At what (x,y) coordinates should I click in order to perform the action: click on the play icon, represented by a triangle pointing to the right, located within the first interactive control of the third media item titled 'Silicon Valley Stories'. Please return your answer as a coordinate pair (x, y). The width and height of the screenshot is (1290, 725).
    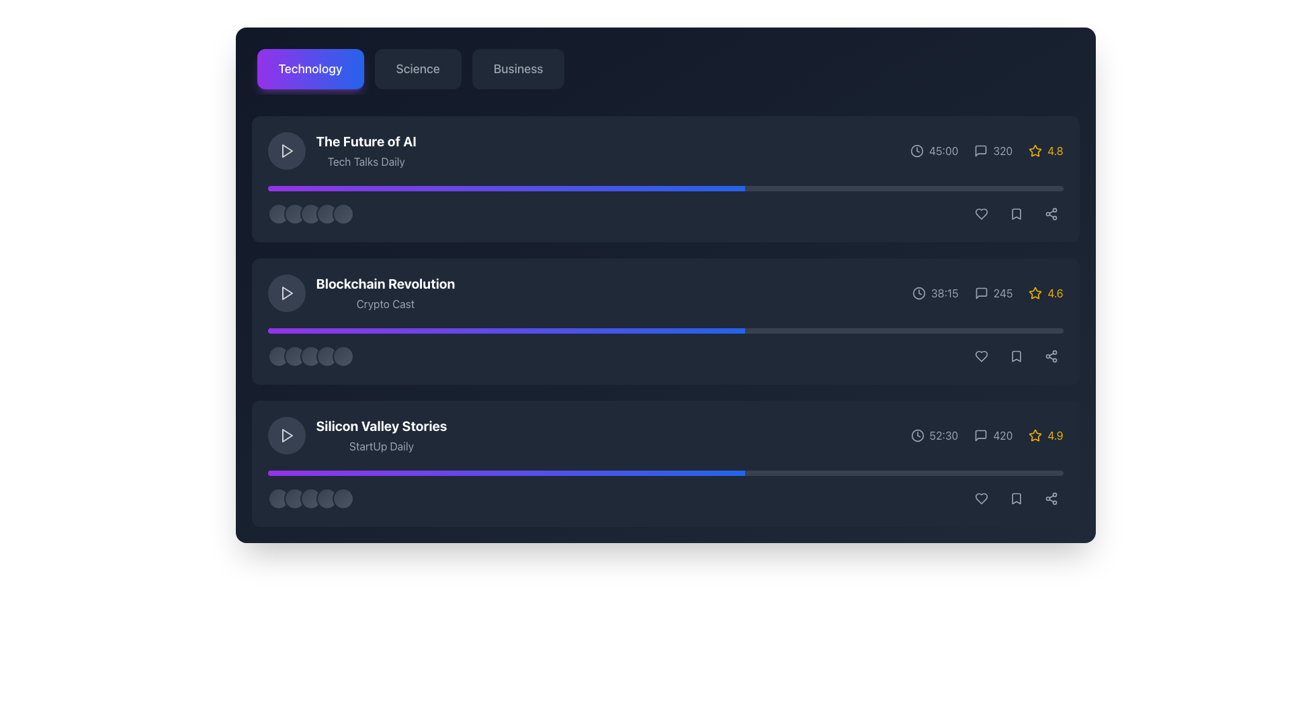
    Looking at the image, I should click on (286, 435).